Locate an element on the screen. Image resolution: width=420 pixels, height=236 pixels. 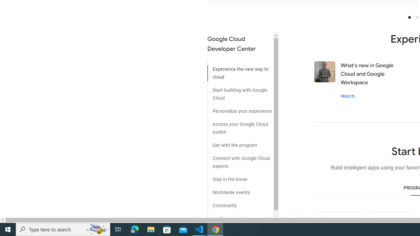
'Slide 2' is located at coordinates (417, 17).